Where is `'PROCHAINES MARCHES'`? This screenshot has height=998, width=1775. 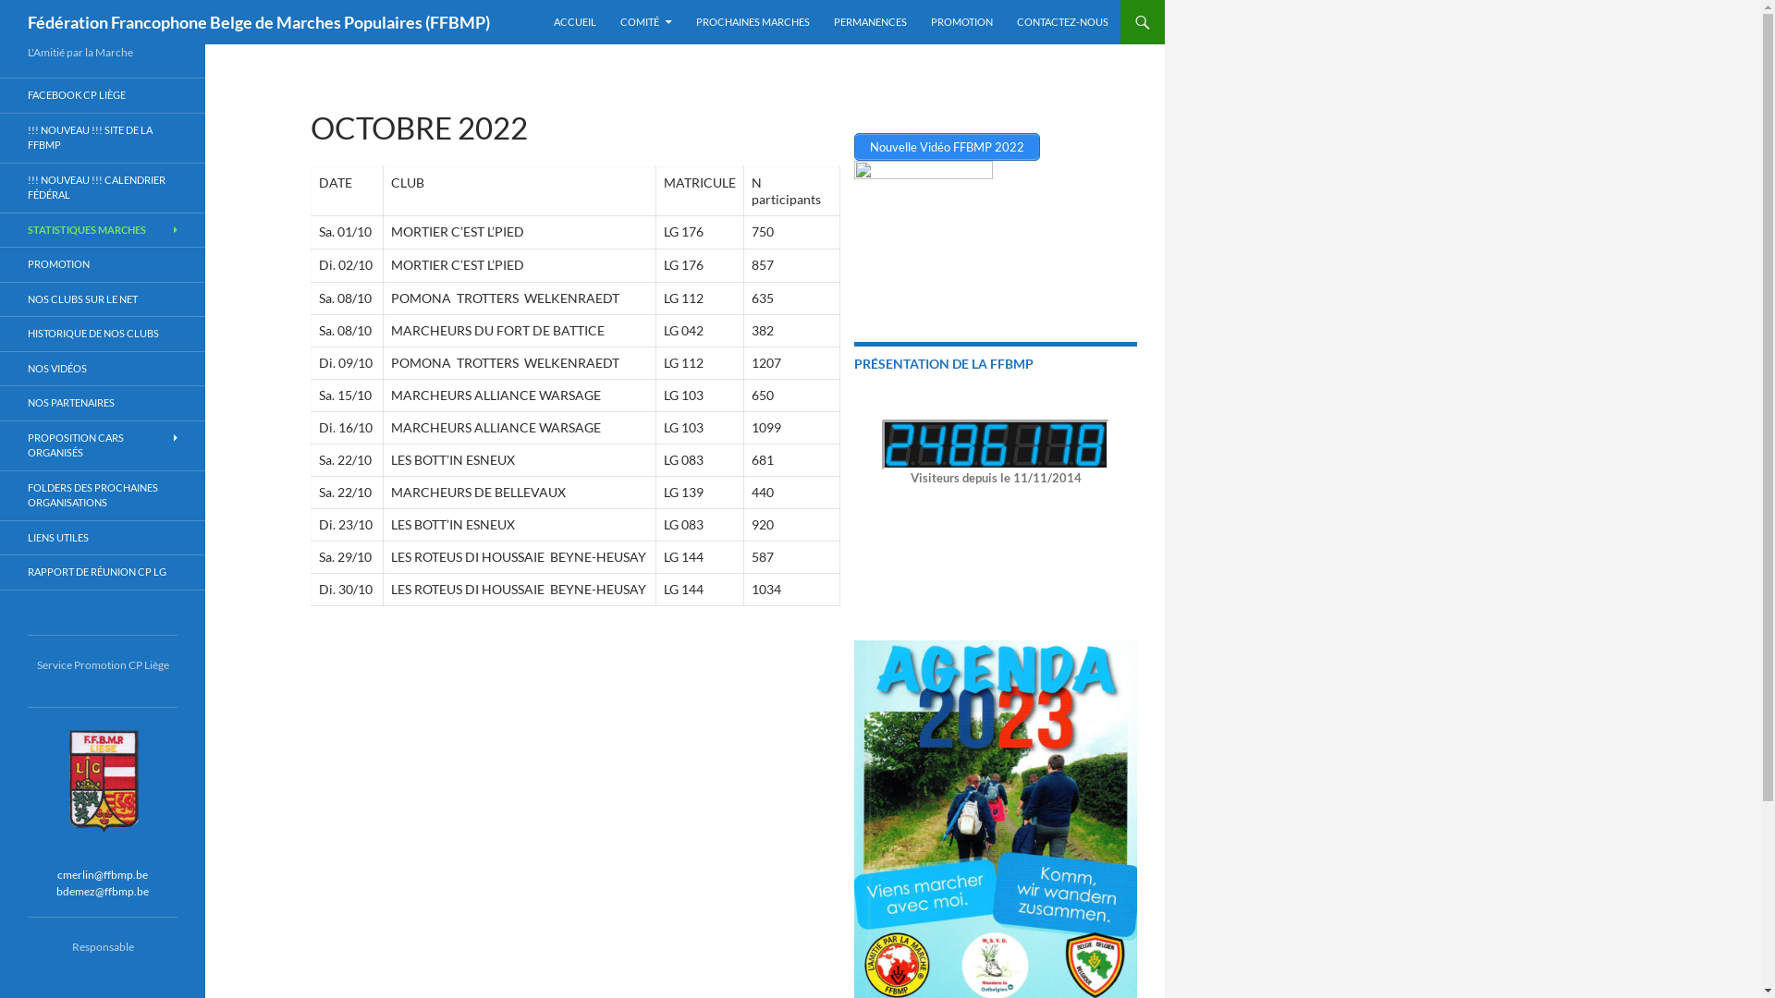
'PROCHAINES MARCHES' is located at coordinates (753, 21).